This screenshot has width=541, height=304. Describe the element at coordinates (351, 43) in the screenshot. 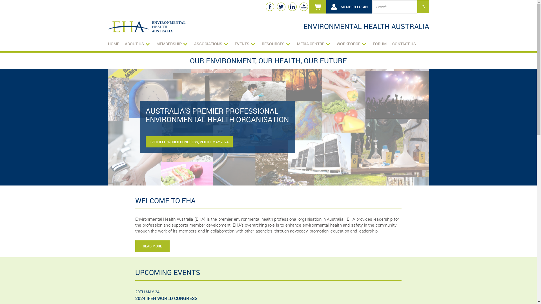

I see `'WORKFORCE'` at that location.